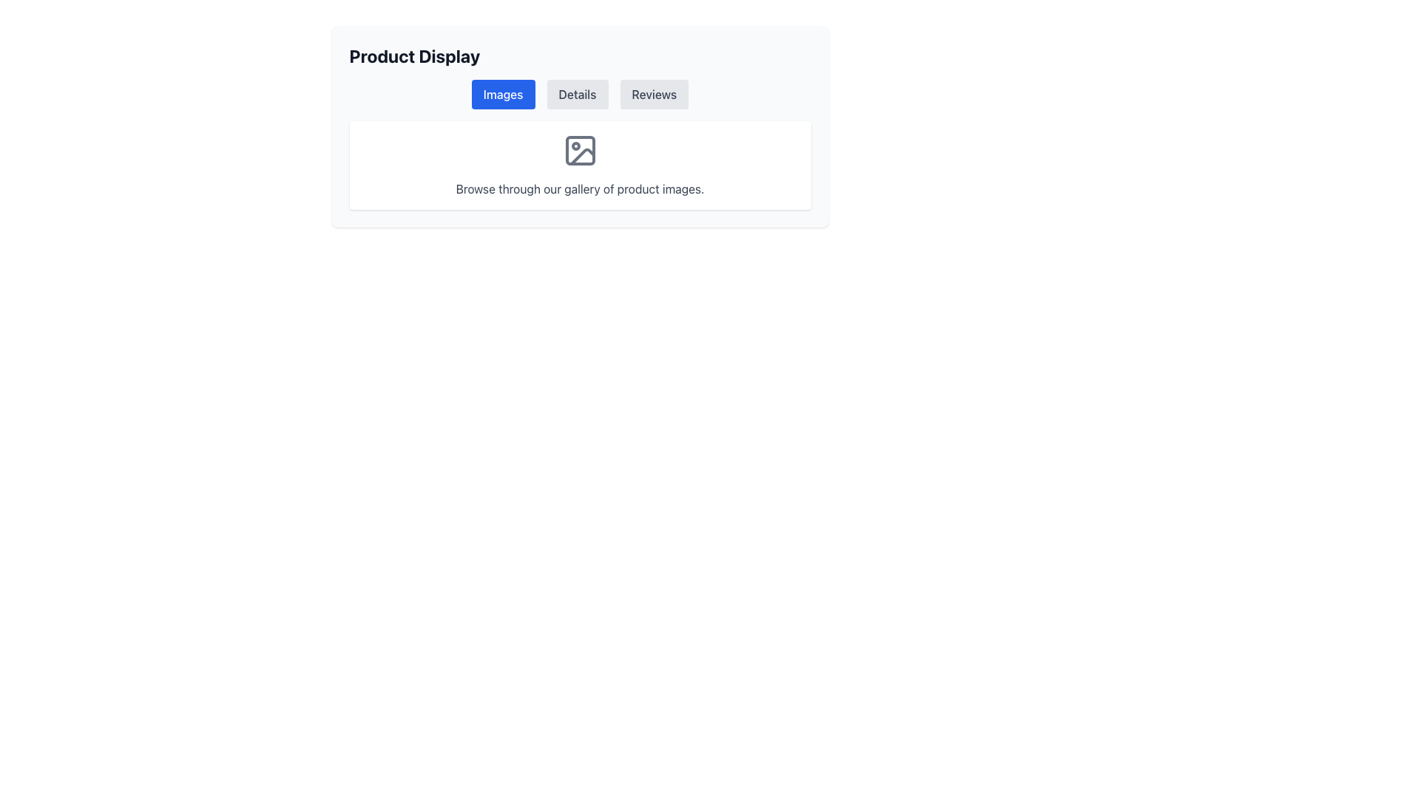 The image size is (1420, 798). I want to click on the 'Reviews' button, which is the third button from the left in a horizontal row of buttons with a gray background and dark gray text, so click(653, 94).